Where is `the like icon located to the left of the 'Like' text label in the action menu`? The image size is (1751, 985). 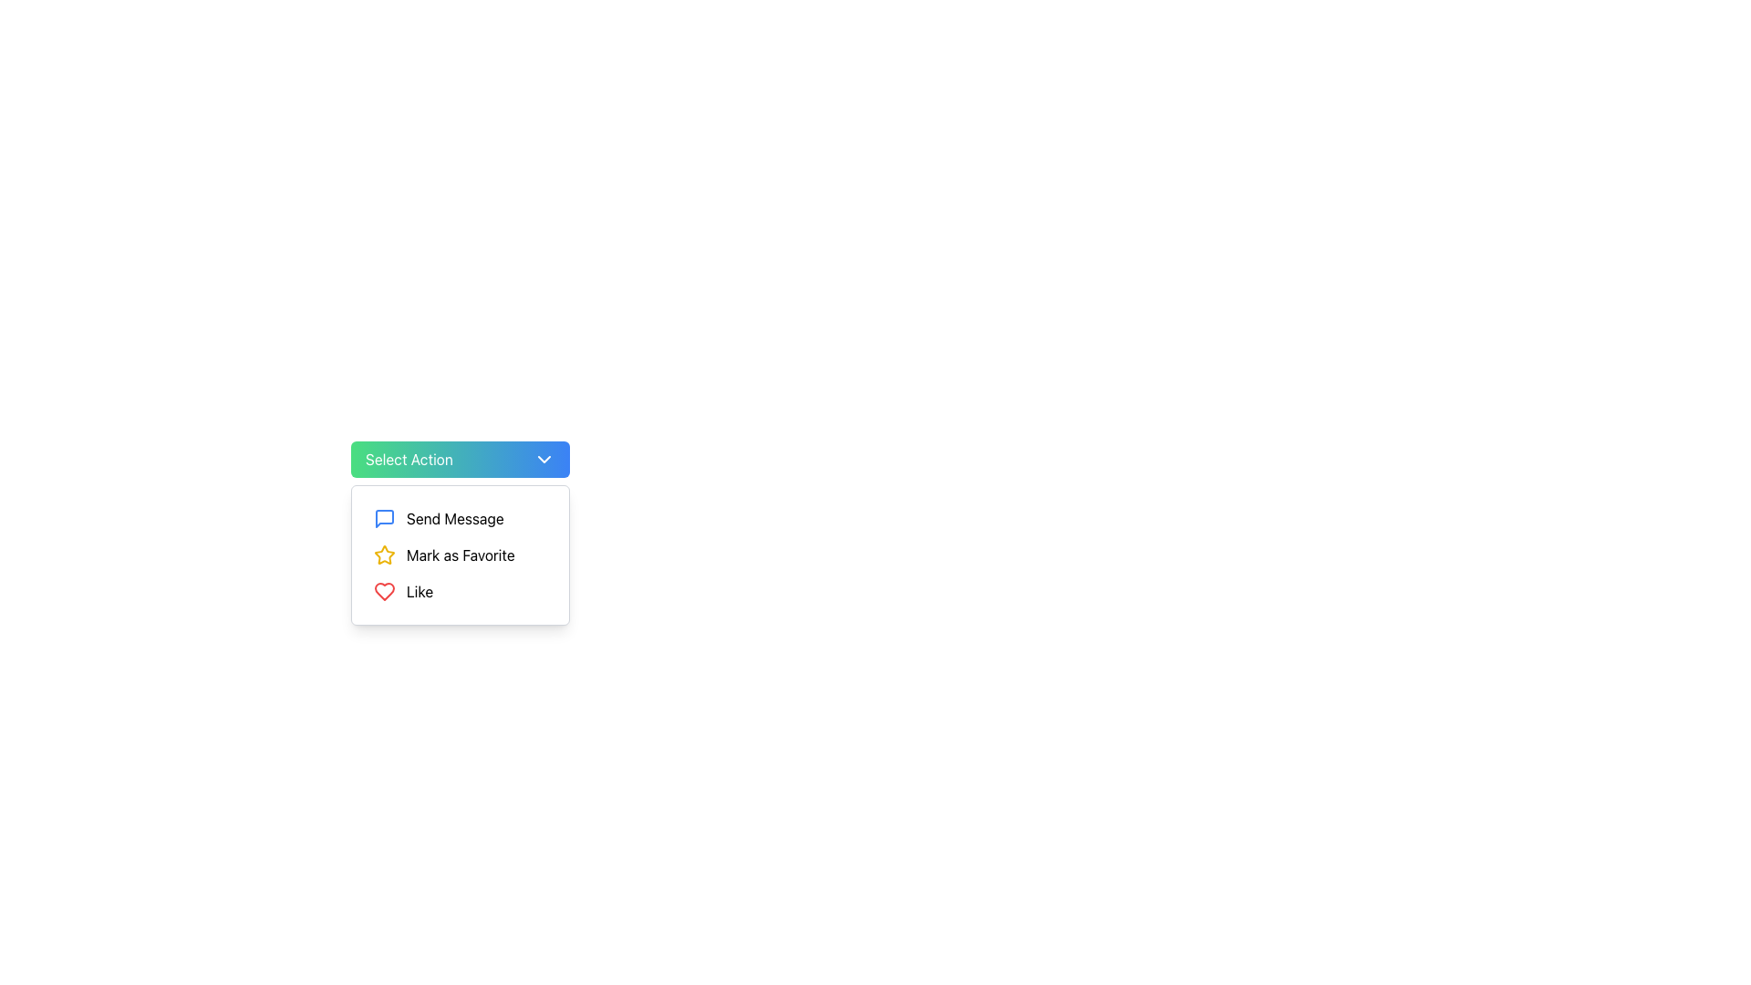 the like icon located to the left of the 'Like' text label in the action menu is located at coordinates (384, 591).